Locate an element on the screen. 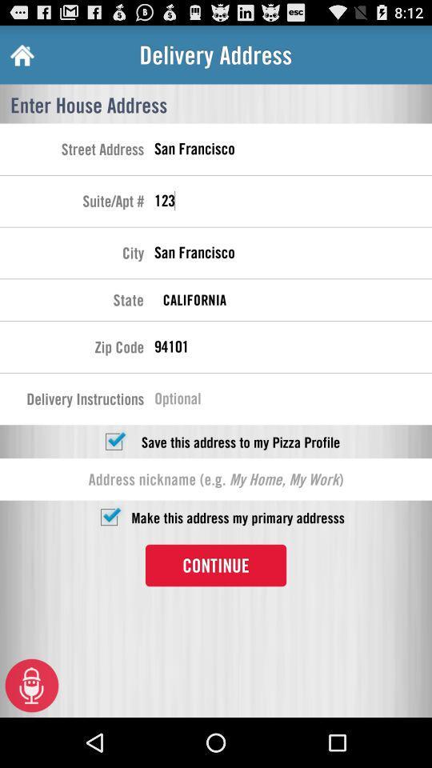 This screenshot has height=768, width=432. delivery instructions is located at coordinates (292, 400).